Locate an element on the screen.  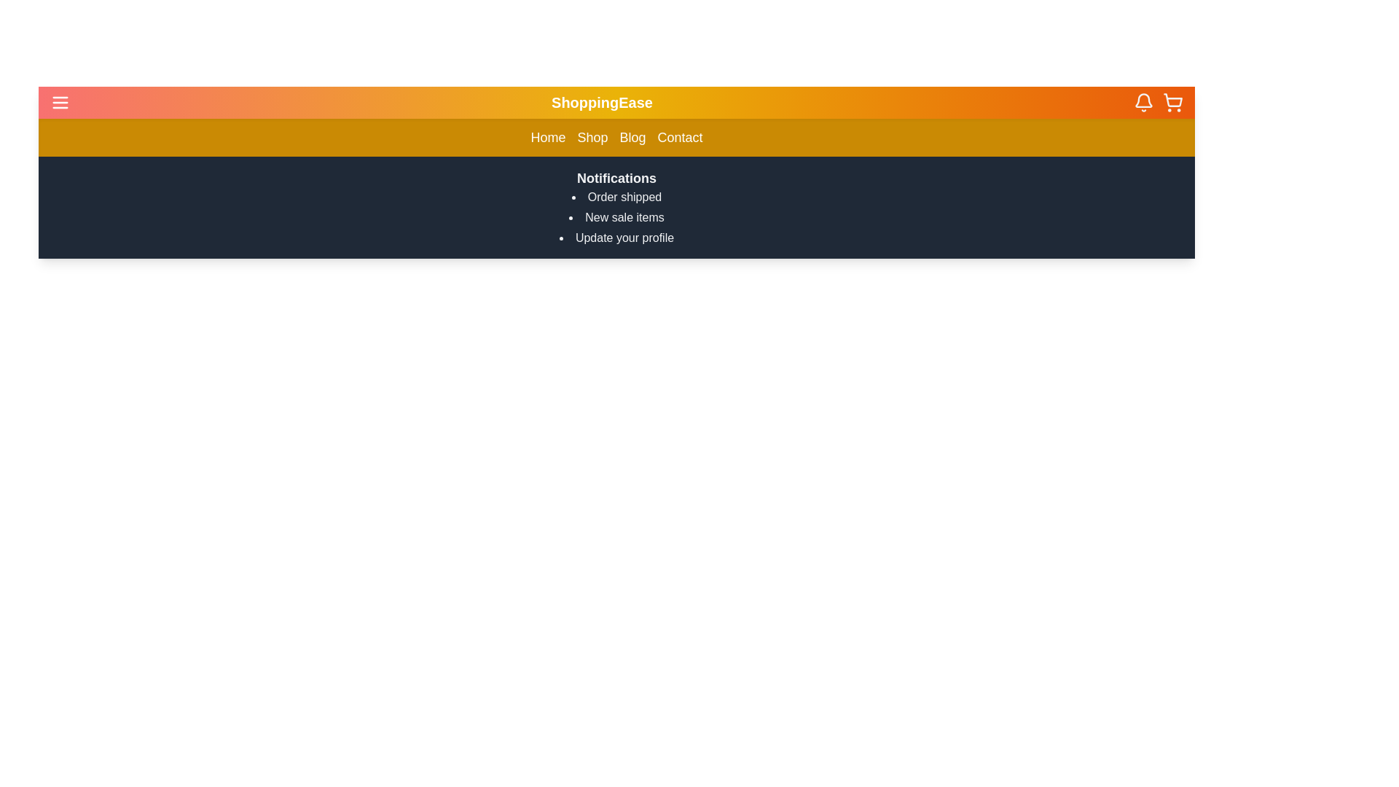
the bold 'Notifications' text label, which is prominently displayed in white on a dark gray background at the top of its section is located at coordinates (616, 178).